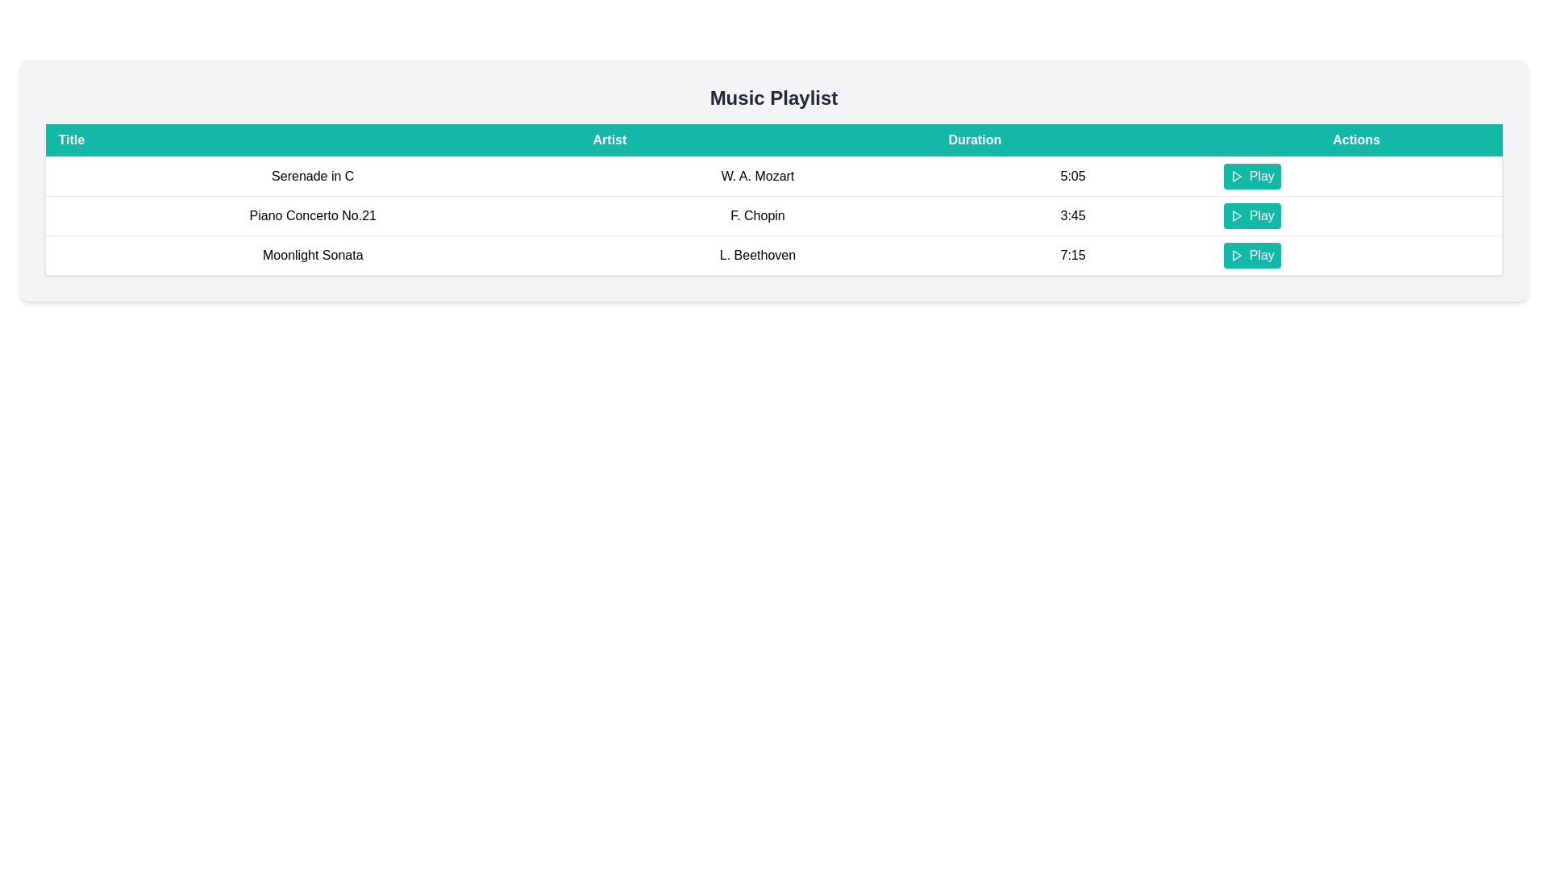 The height and width of the screenshot is (871, 1548). What do you see at coordinates (1354, 215) in the screenshot?
I see `the playback button for 'Piano Concerto No.21' by 'F. Chopin' located in the second row under the 'Actions' column, to the right of the duration '3:45'` at bounding box center [1354, 215].